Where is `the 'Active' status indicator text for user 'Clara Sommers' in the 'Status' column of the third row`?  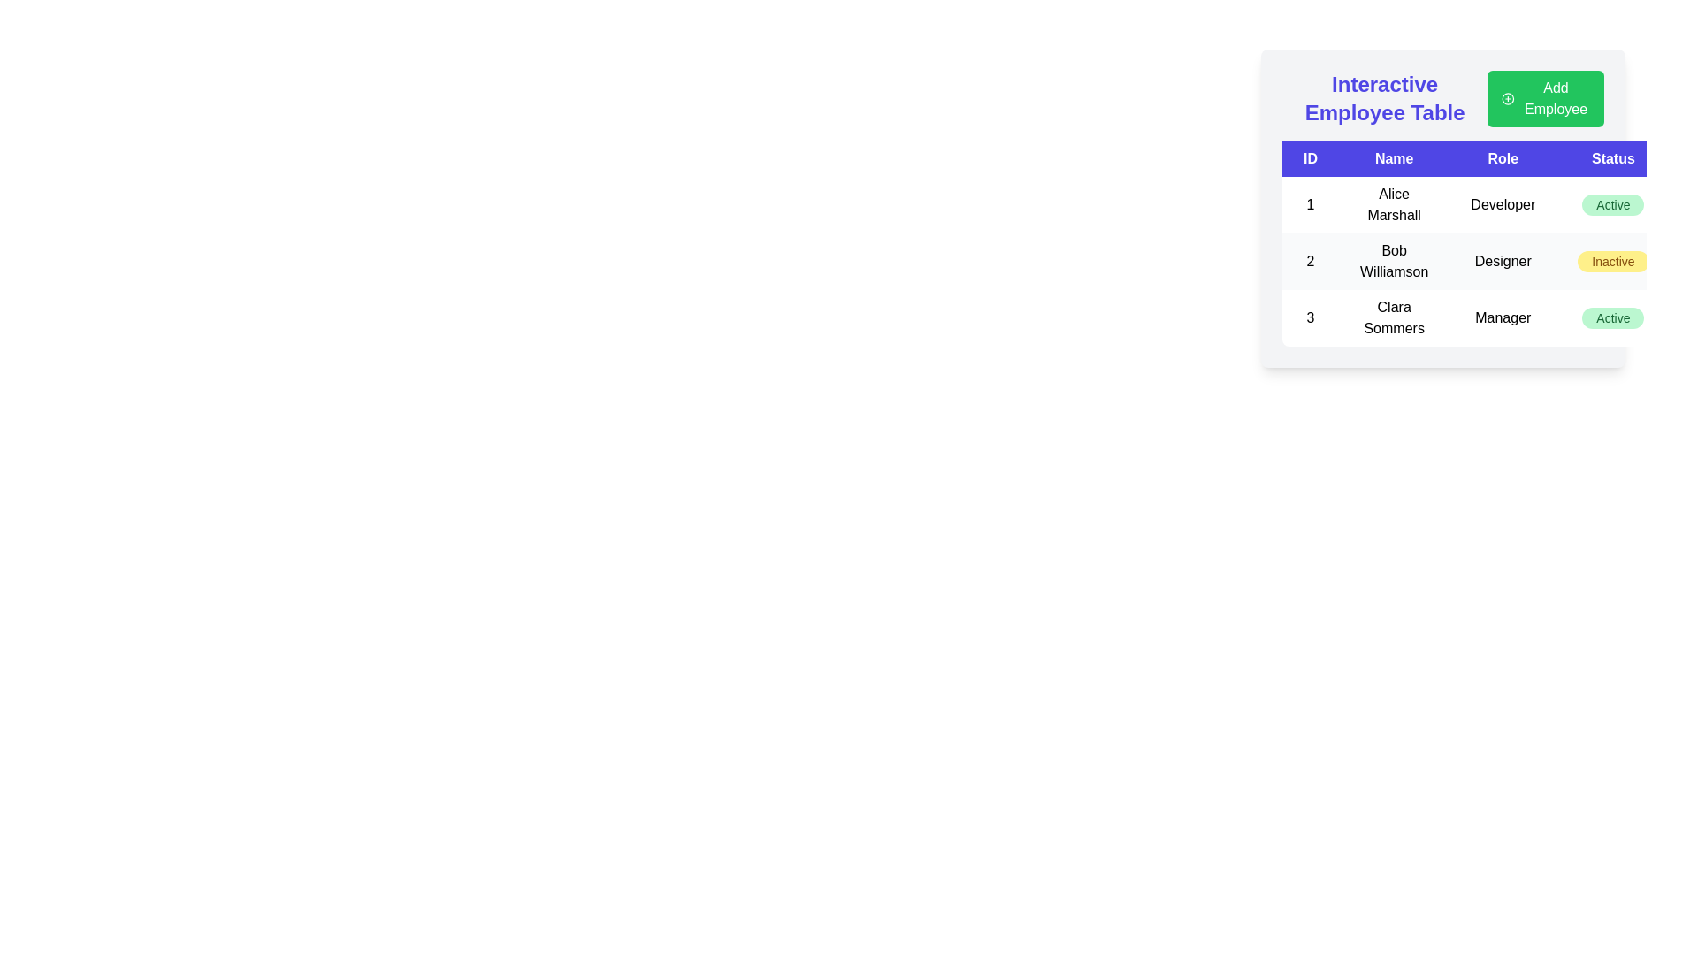
the 'Active' status indicator text for user 'Clara Sommers' in the 'Status' column of the third row is located at coordinates (1613, 317).